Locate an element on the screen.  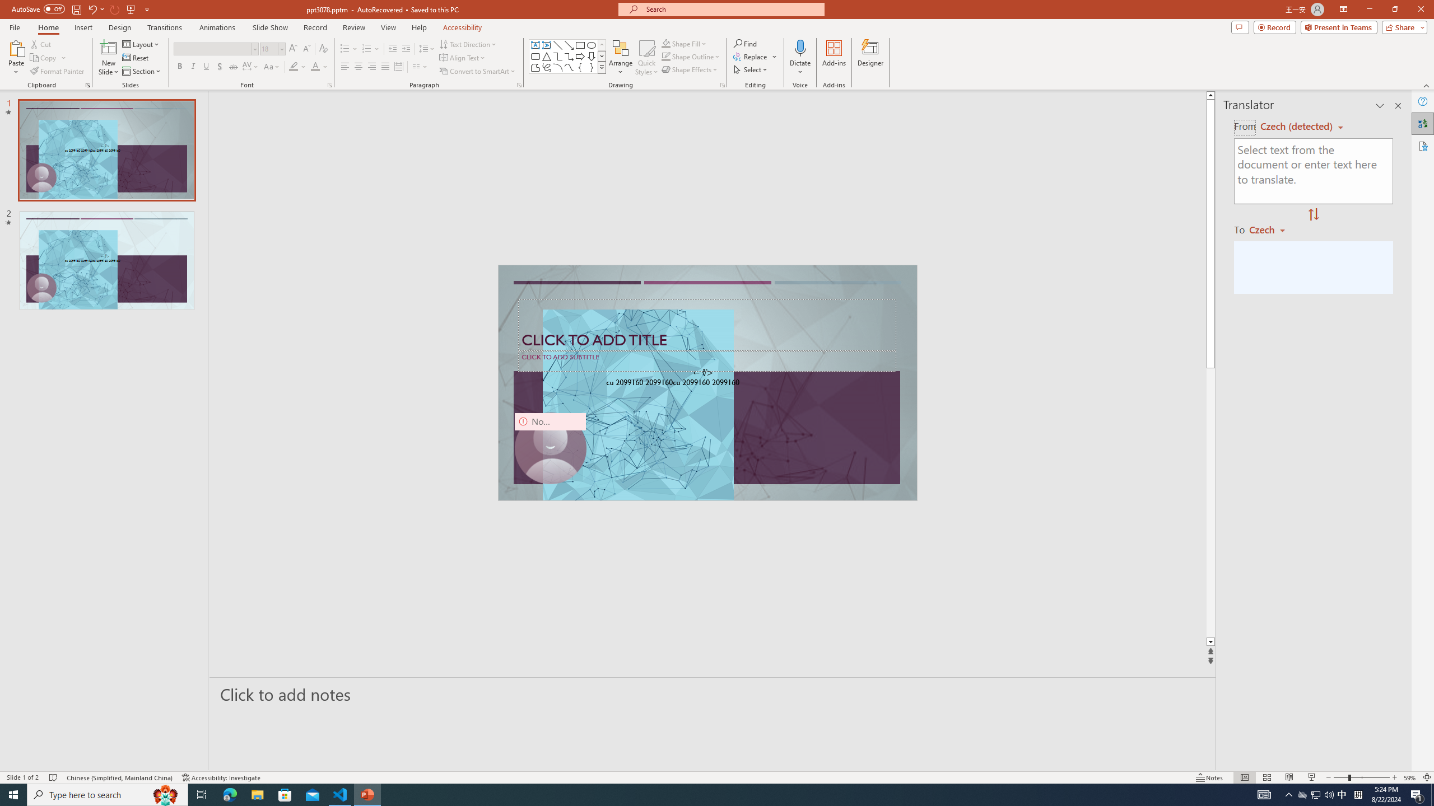
'TextBox 61' is located at coordinates (705, 383).